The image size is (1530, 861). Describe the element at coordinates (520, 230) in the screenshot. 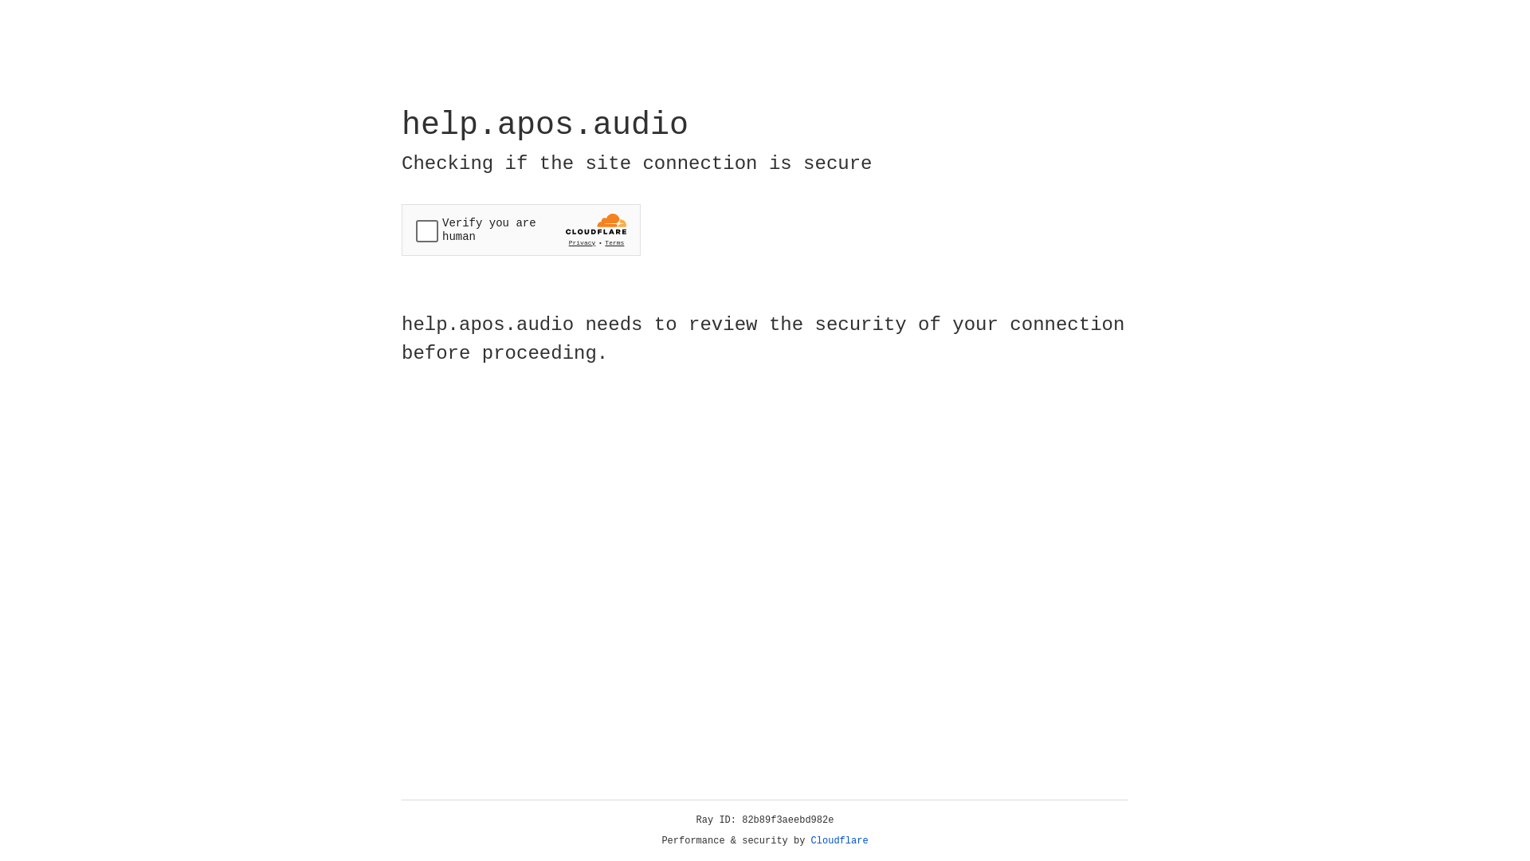

I see `'Widget containing a Cloudflare security challenge'` at that location.